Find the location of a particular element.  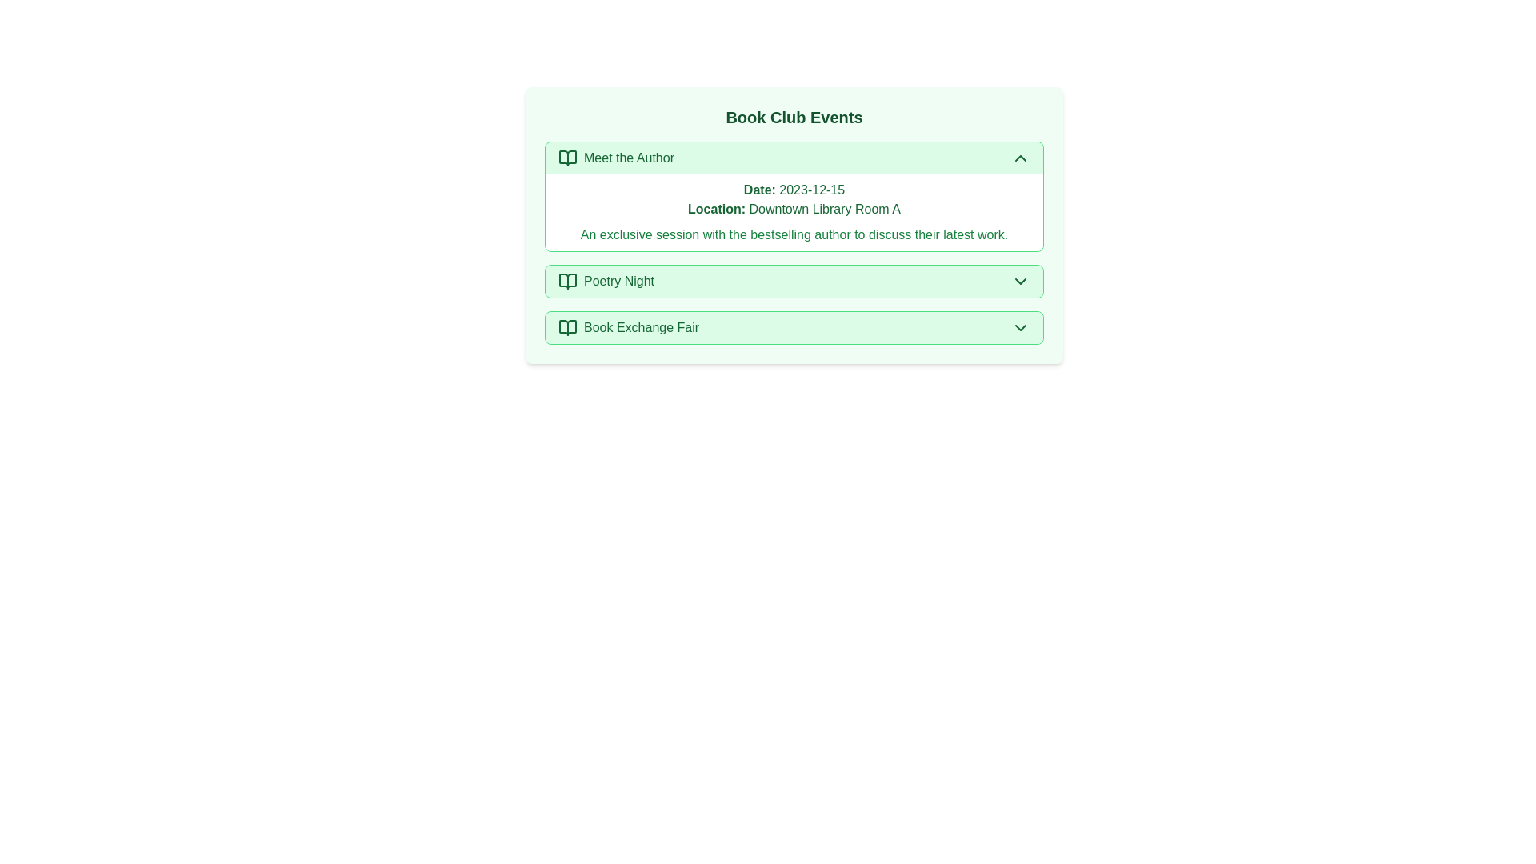

text label displaying 'Meet the Author' which is styled in green and located at the top of the event entry card for 'Meet the Author' is located at coordinates (628, 158).